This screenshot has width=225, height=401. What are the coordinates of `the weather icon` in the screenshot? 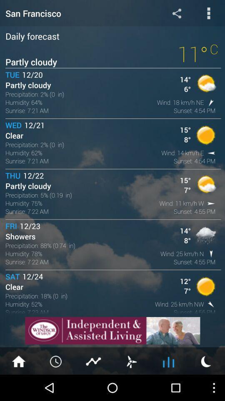 It's located at (206, 386).